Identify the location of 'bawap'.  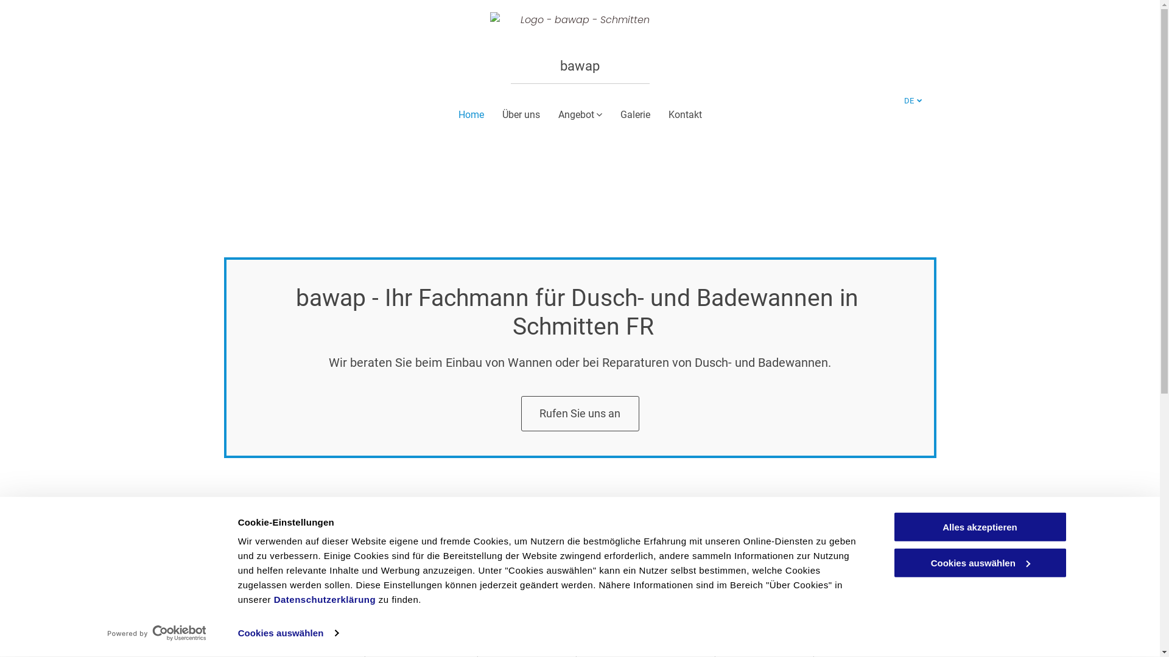
(560, 66).